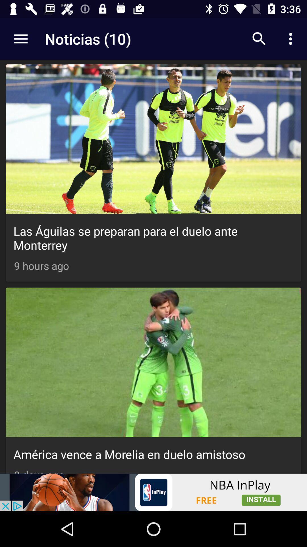 The height and width of the screenshot is (547, 307). I want to click on share the article, so click(153, 492).